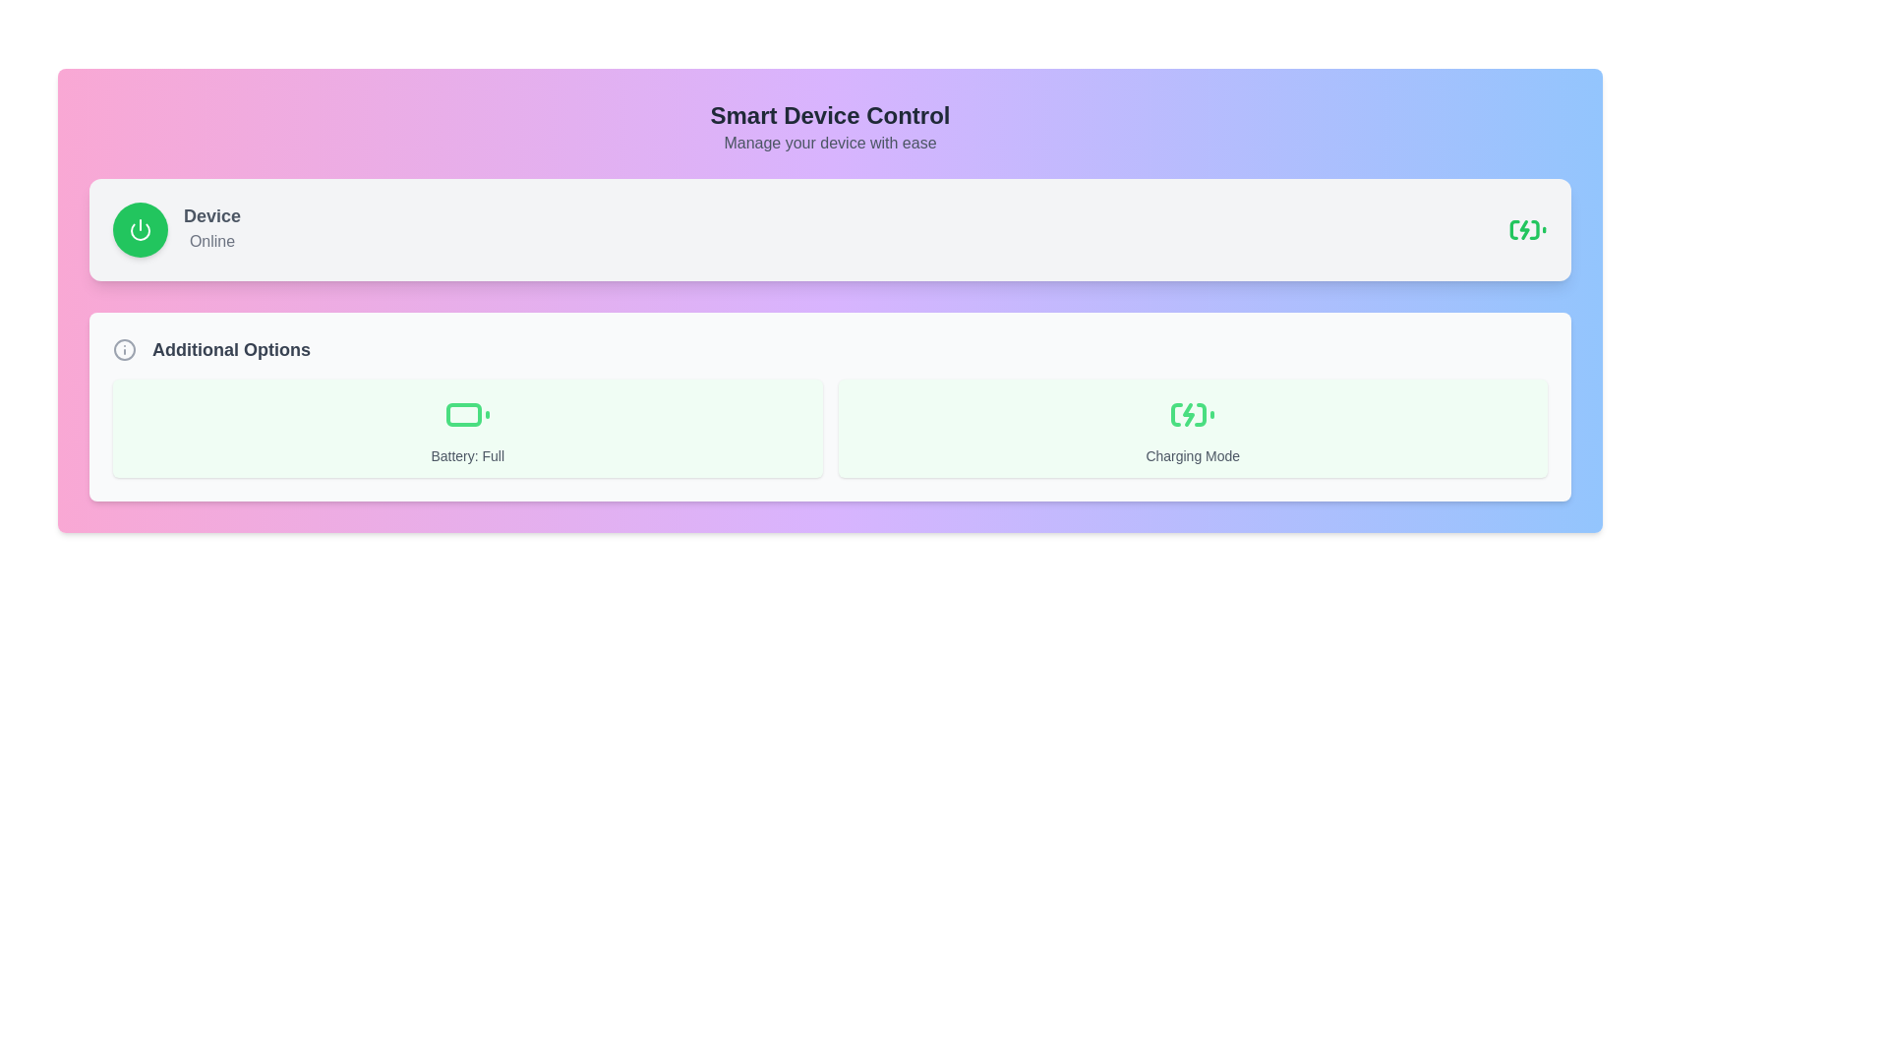 The height and width of the screenshot is (1062, 1888). What do you see at coordinates (123, 348) in the screenshot?
I see `the informational icon located to the left of the text 'Additional Options', which provides additional information on hover or click` at bounding box center [123, 348].